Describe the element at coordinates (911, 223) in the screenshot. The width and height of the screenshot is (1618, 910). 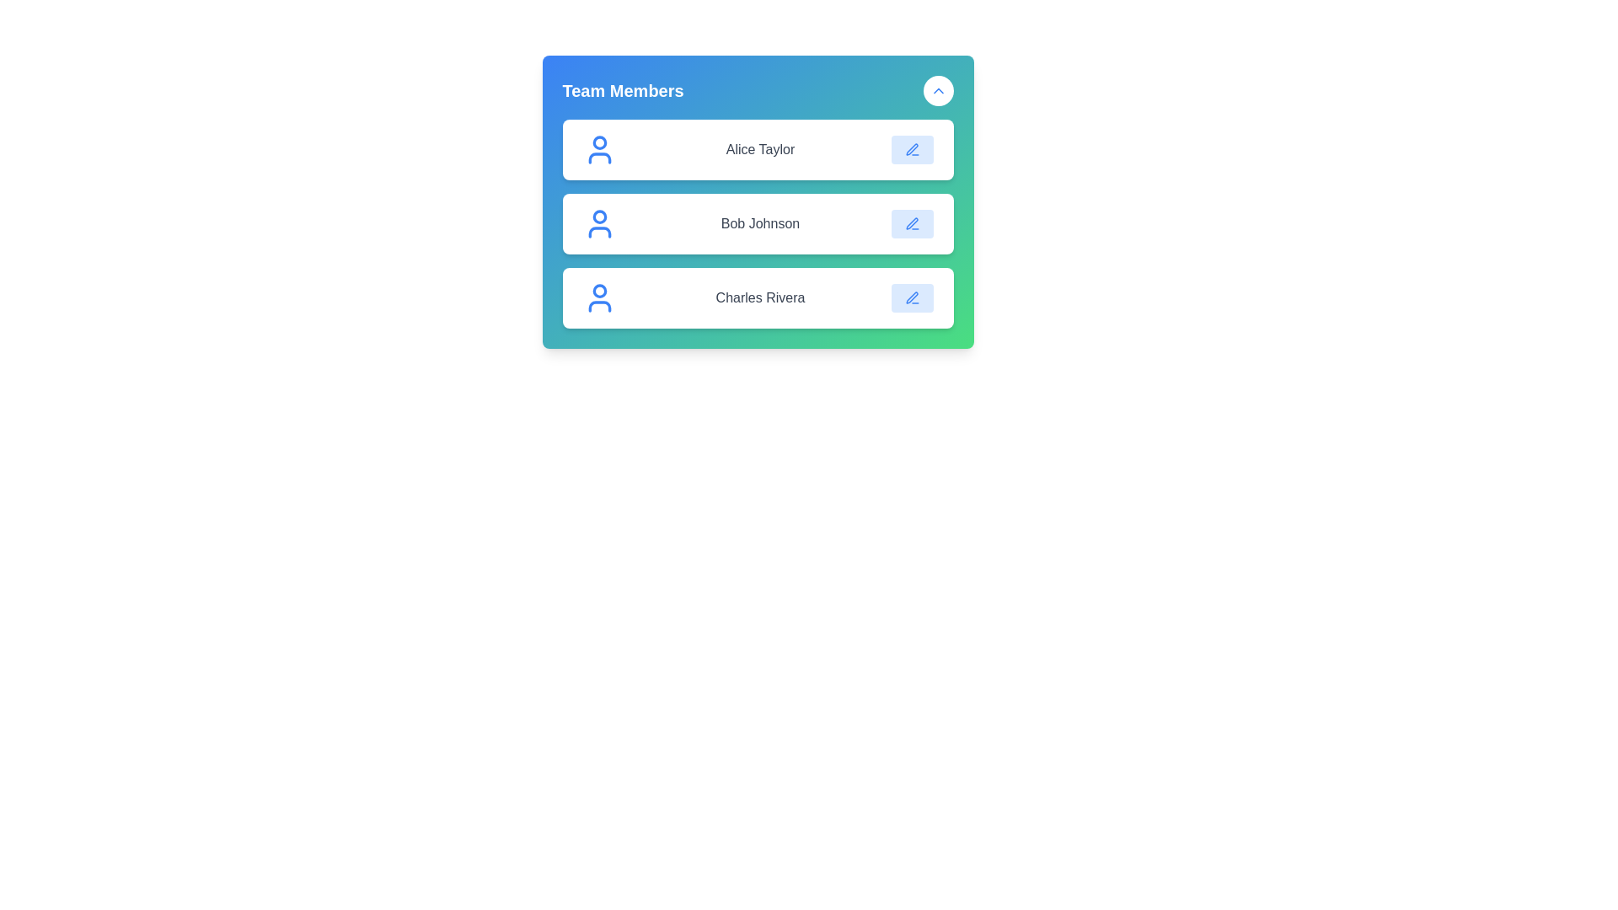
I see `the edit button for the contact named Bob Johnson` at that location.